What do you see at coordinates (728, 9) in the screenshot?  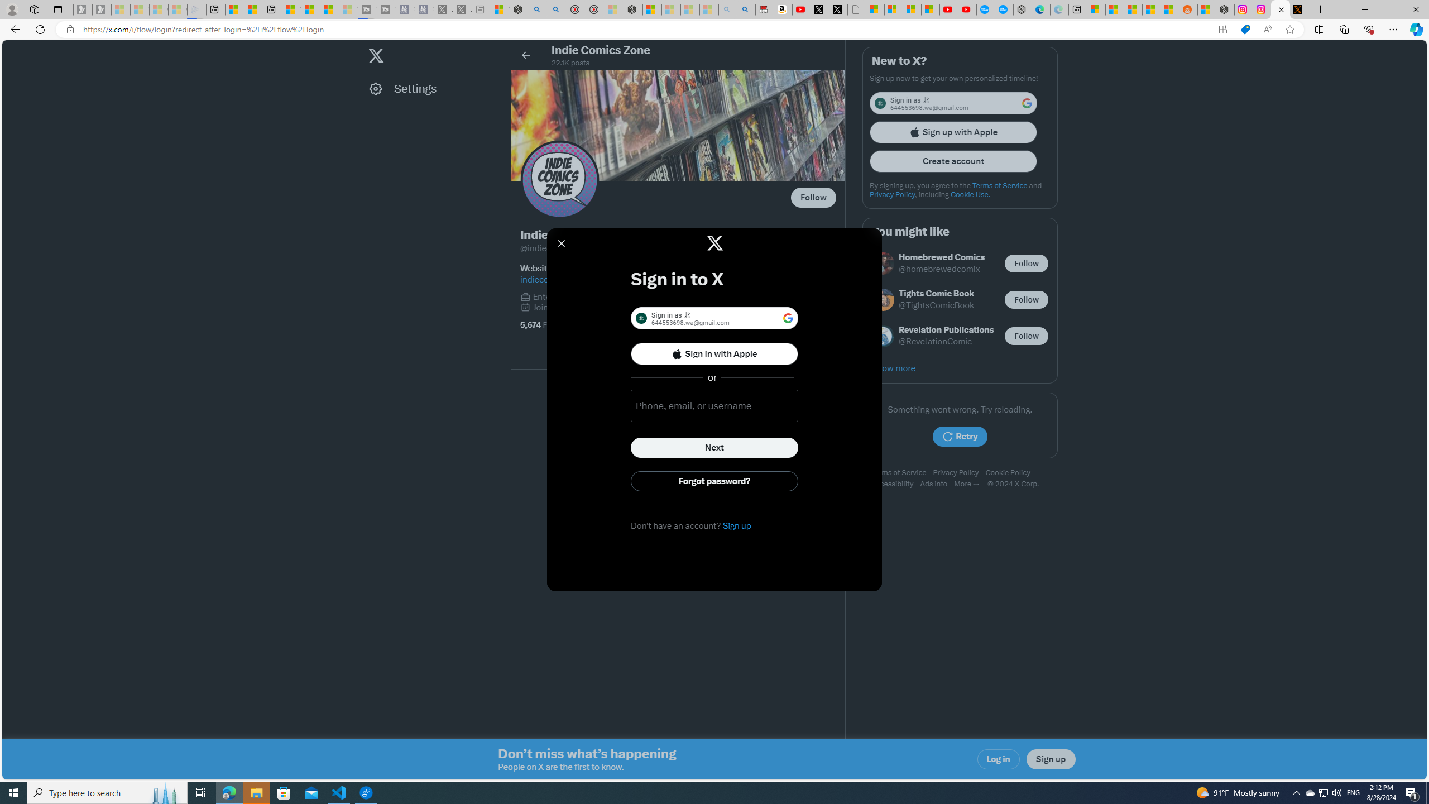 I see `'amazon - Search - Sleeping'` at bounding box center [728, 9].